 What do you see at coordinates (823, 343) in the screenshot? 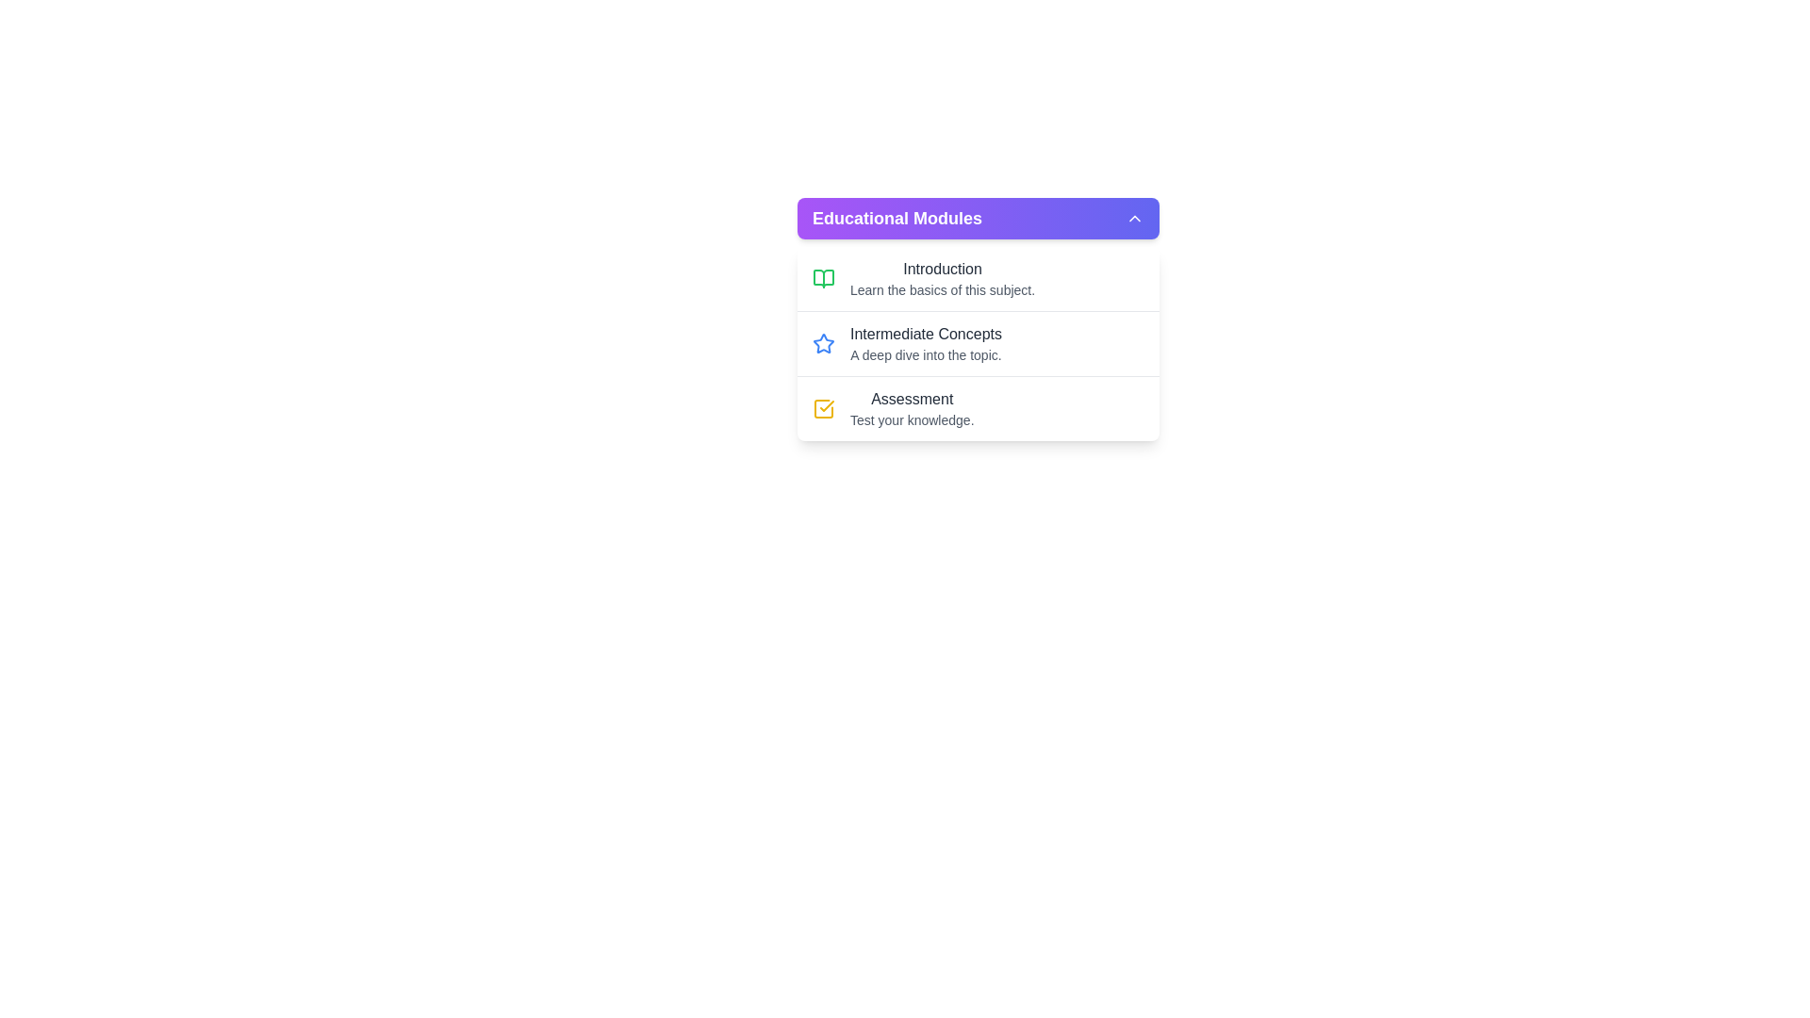
I see `the blue outlined star-shaped icon rendered as an SVG element` at bounding box center [823, 343].